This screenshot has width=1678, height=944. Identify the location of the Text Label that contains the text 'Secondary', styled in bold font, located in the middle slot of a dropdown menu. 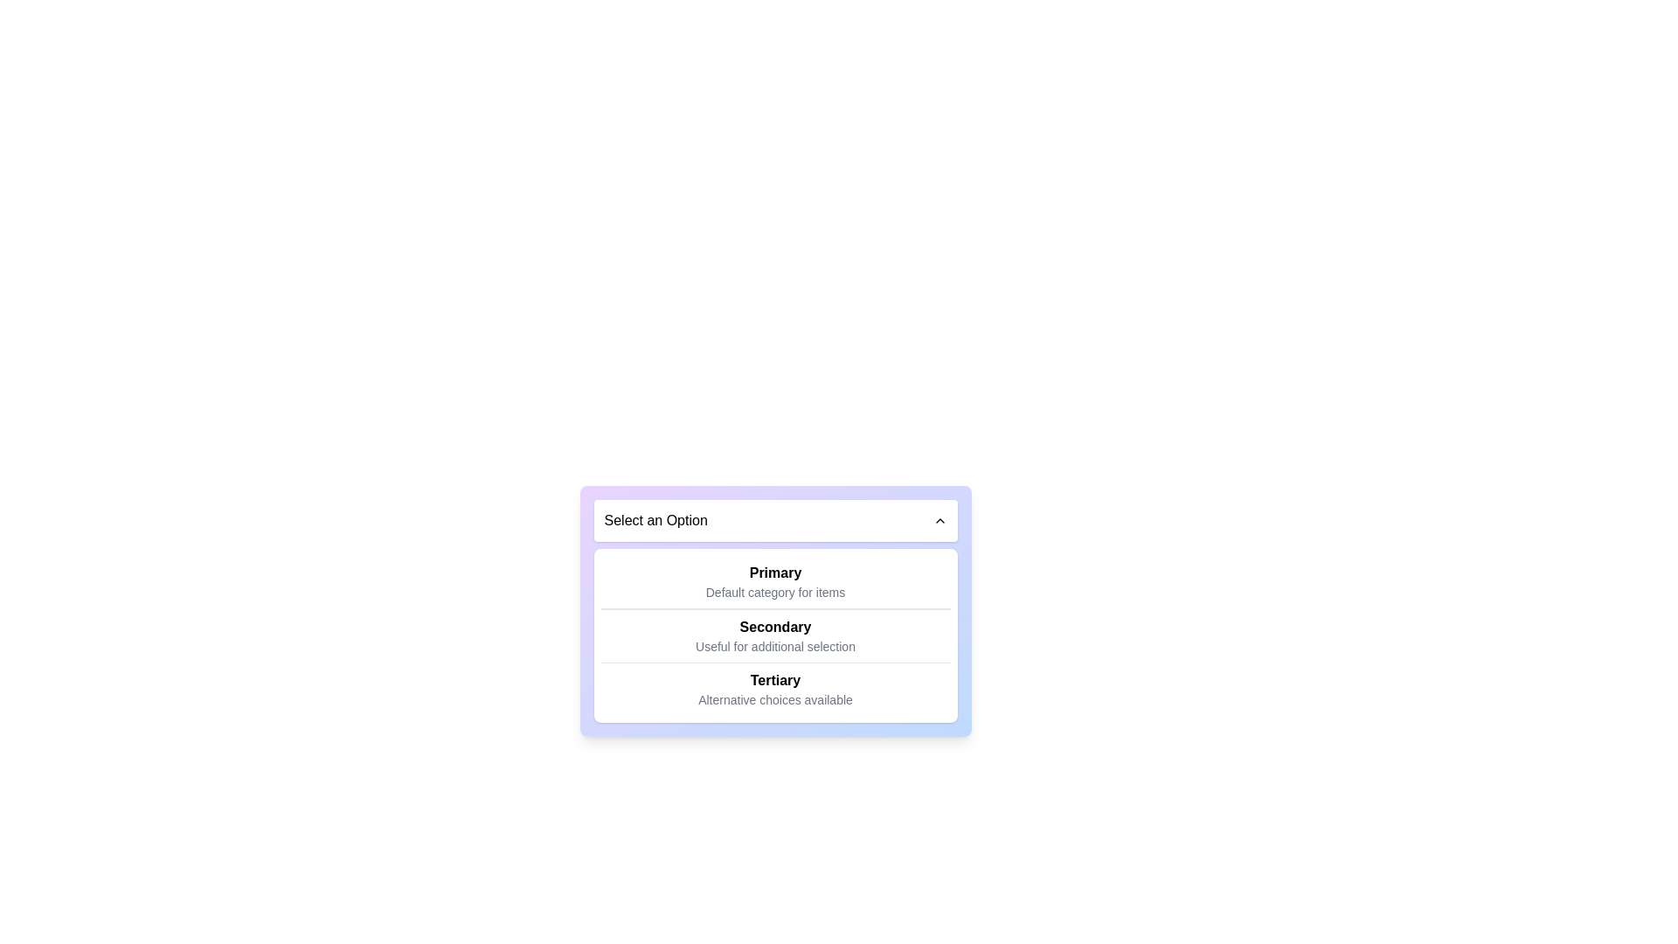
(774, 626).